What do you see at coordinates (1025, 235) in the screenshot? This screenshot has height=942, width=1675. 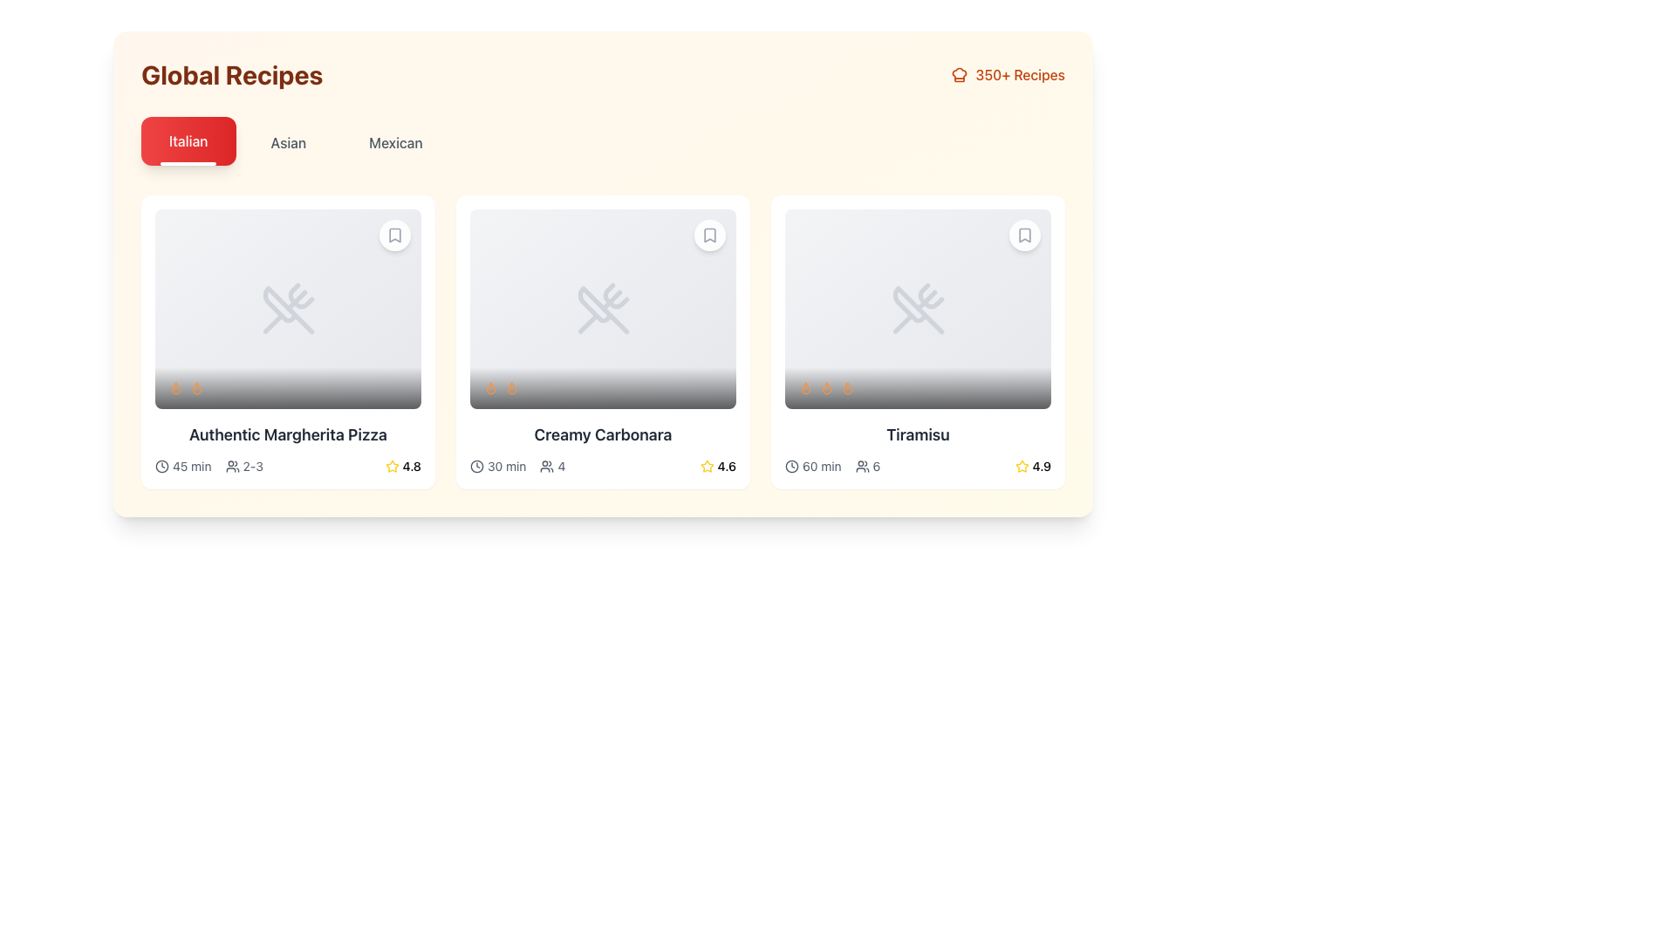 I see `the Bookmark icon shaped like a flag in the top-right corner of the 'Tiramisu' card` at bounding box center [1025, 235].